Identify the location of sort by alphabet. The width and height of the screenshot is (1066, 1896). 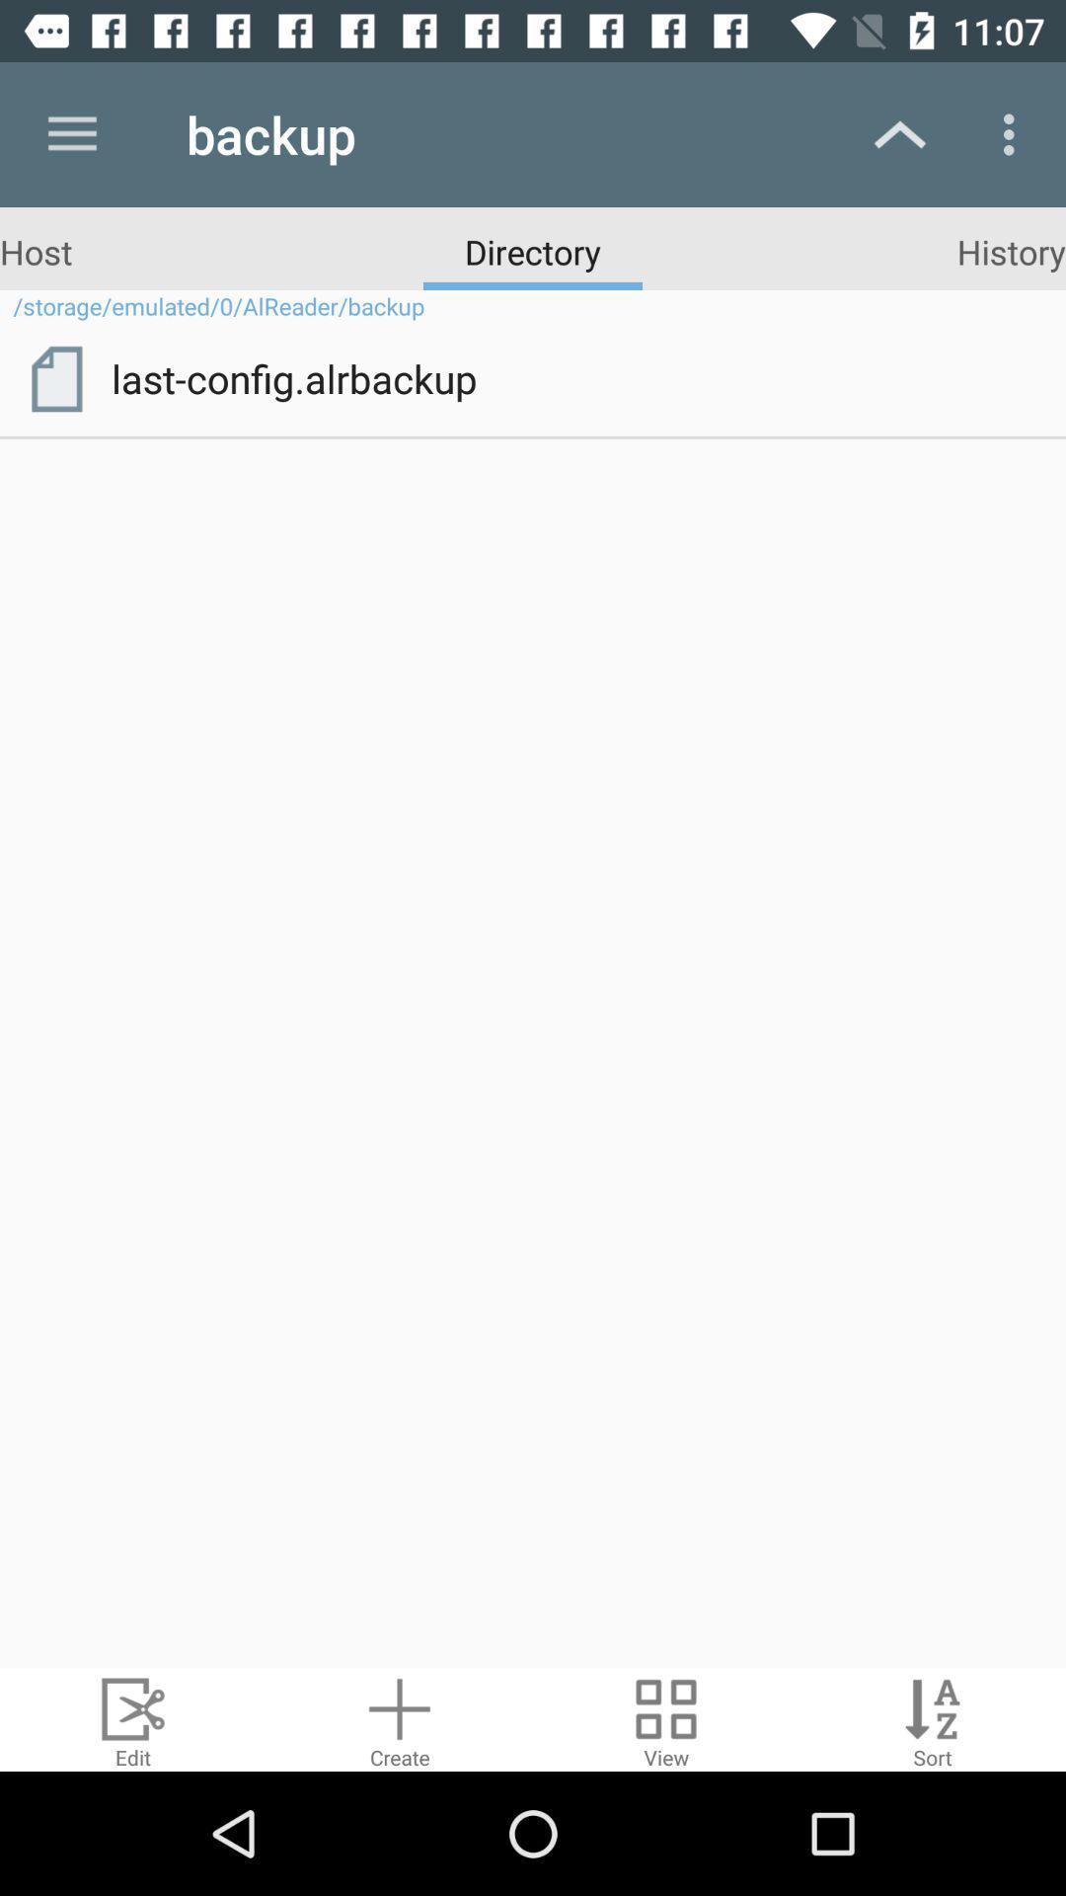
(933, 1718).